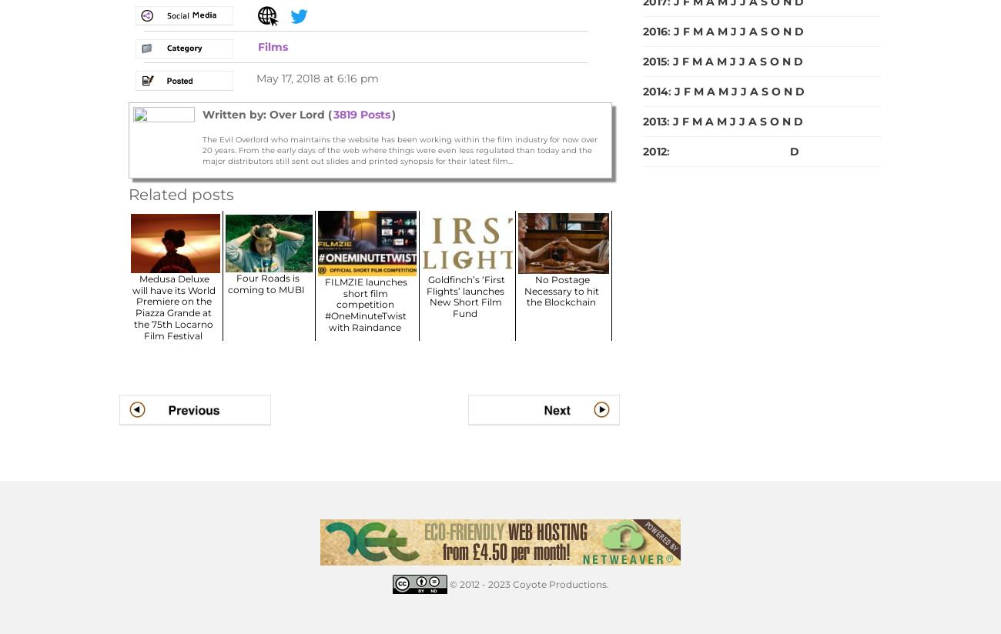 This screenshot has width=1001, height=634. I want to click on 'The Evil Overlord who maintains the website has been working within the film industry for now over 20 years. From the early days of the web where things were even less regulated than today and the major distributors still sent out slides and printed synopsis for their latest film...', so click(400, 150).